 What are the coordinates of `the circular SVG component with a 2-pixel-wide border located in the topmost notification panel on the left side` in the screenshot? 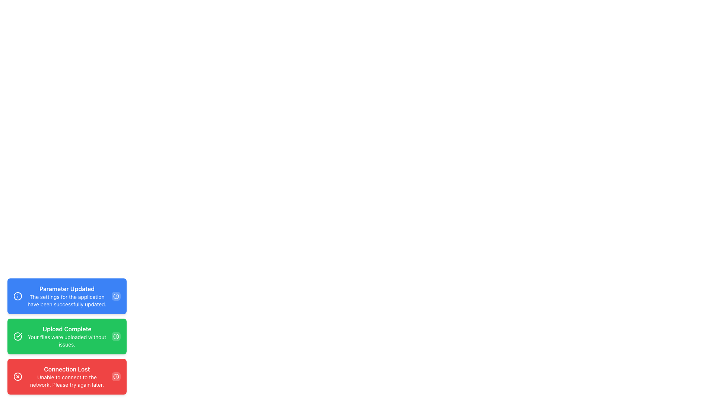 It's located at (18, 296).